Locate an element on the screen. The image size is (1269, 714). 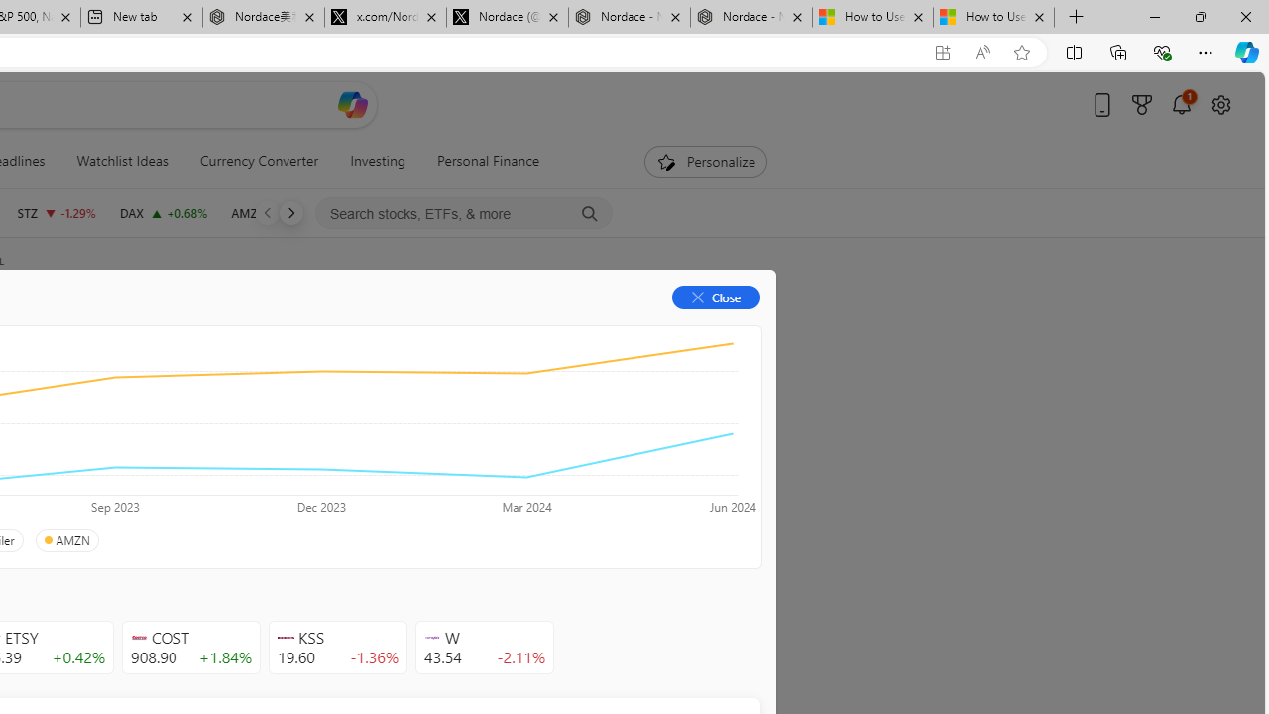
'x.com/NordaceOfficial' is located at coordinates (386, 17).